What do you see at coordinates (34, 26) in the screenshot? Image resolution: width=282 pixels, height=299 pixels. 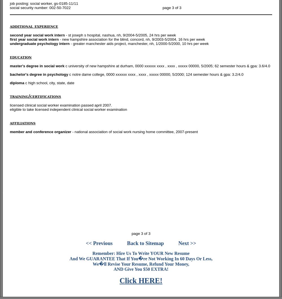 I see `'additional experience'` at bounding box center [34, 26].